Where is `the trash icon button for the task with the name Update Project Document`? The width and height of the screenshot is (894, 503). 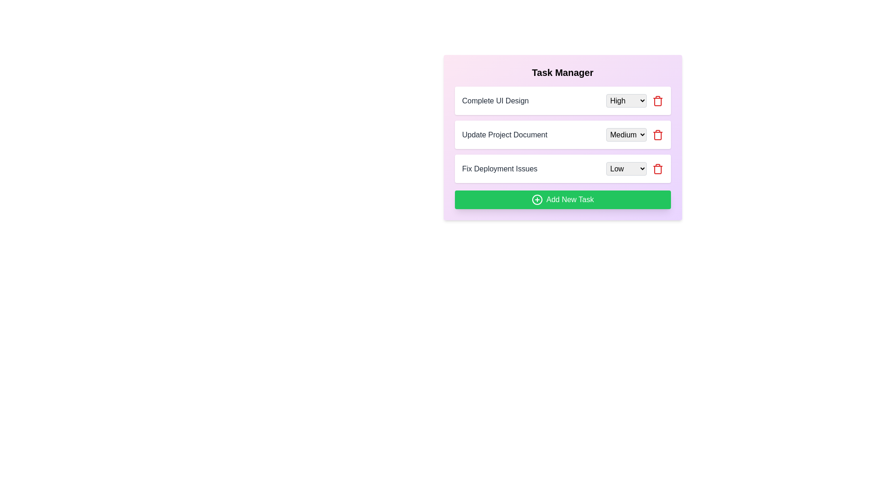 the trash icon button for the task with the name Update Project Document is located at coordinates (657, 135).